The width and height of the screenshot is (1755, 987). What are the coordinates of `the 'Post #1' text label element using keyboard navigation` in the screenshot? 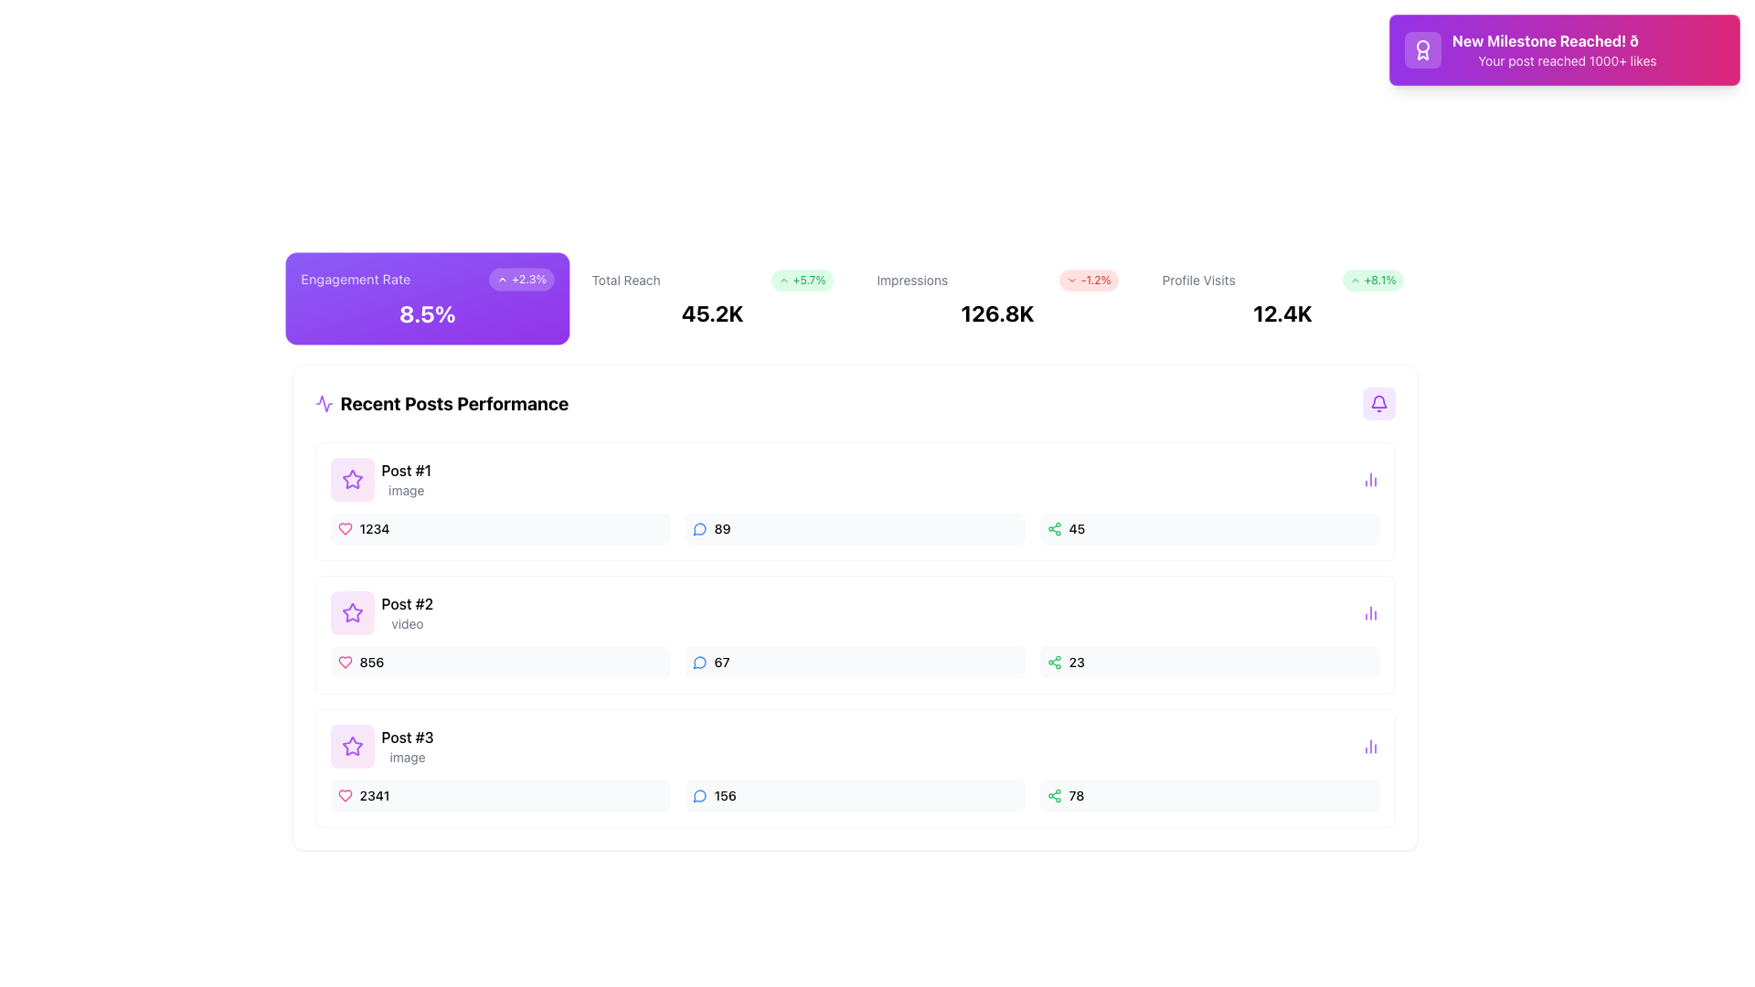 It's located at (405, 470).